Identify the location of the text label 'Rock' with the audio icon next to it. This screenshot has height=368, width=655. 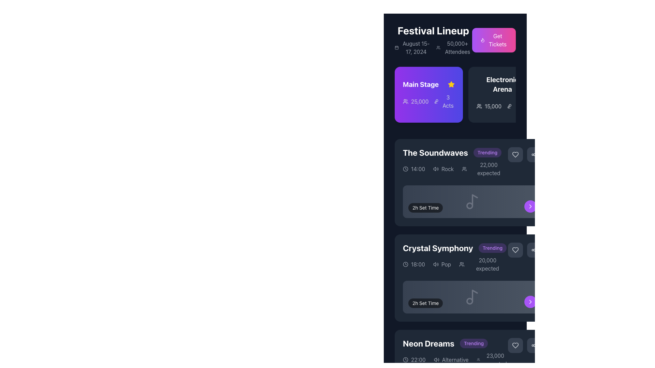
(443, 169).